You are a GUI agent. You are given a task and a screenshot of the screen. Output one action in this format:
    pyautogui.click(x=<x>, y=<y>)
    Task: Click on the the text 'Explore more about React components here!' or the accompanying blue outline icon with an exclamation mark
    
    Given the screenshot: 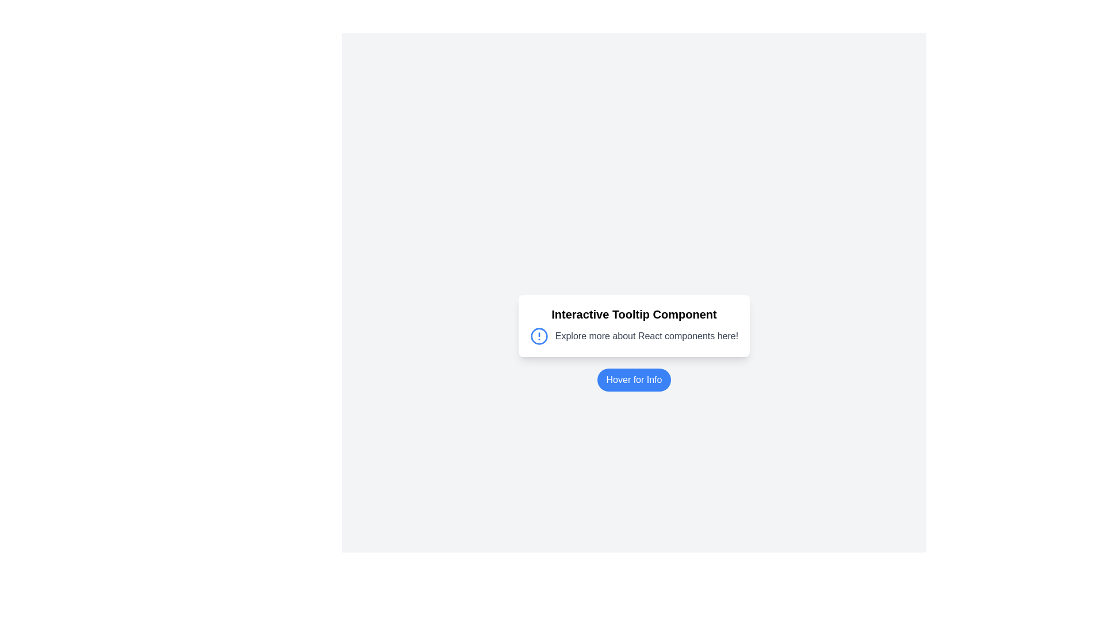 What is the action you would take?
    pyautogui.click(x=634, y=336)
    